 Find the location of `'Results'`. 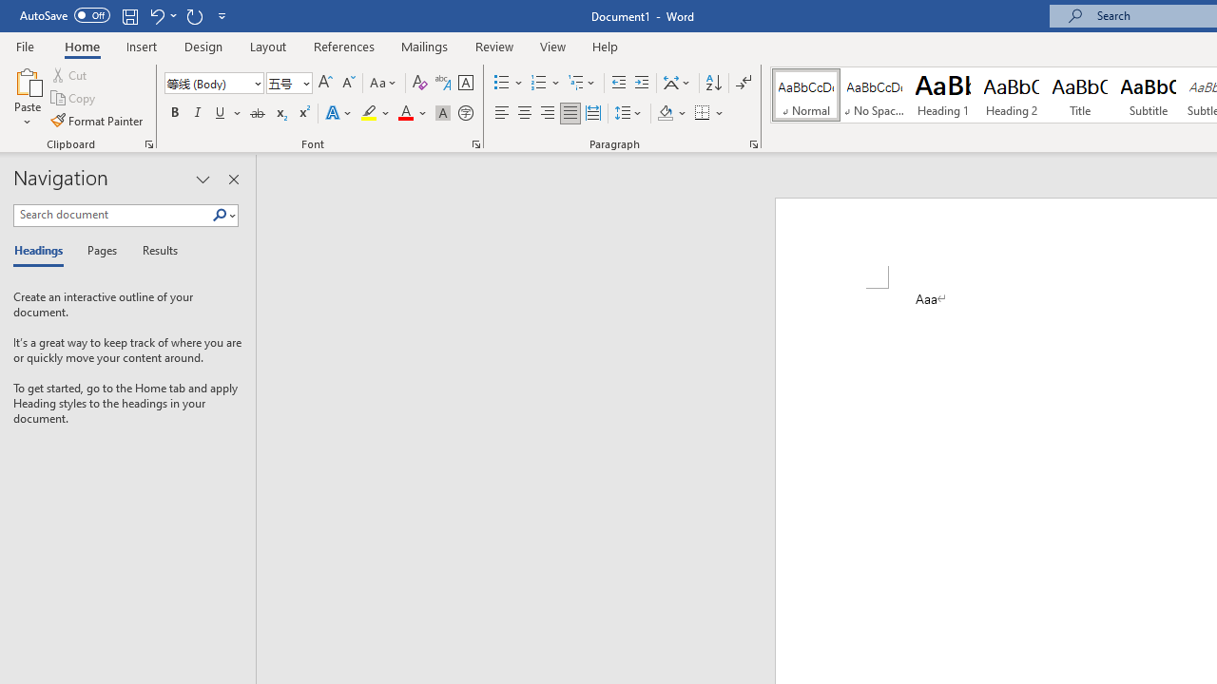

'Results' is located at coordinates (153, 251).